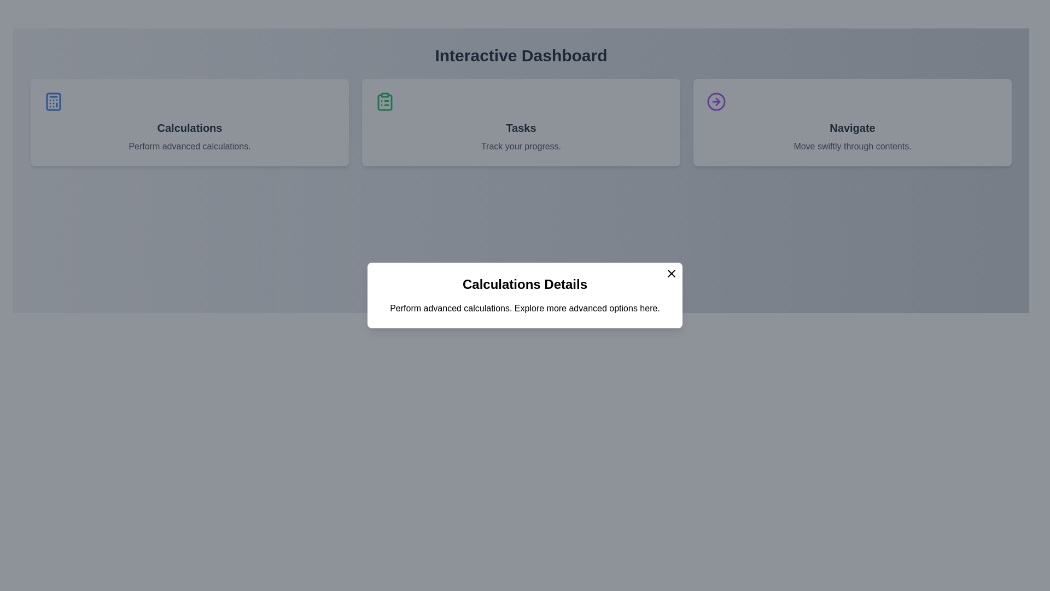  I want to click on the 'Tasks' card-style UI component located in the center of the grid layout, which is the second card between 'Calculations' and 'Navigate', so click(521, 122).